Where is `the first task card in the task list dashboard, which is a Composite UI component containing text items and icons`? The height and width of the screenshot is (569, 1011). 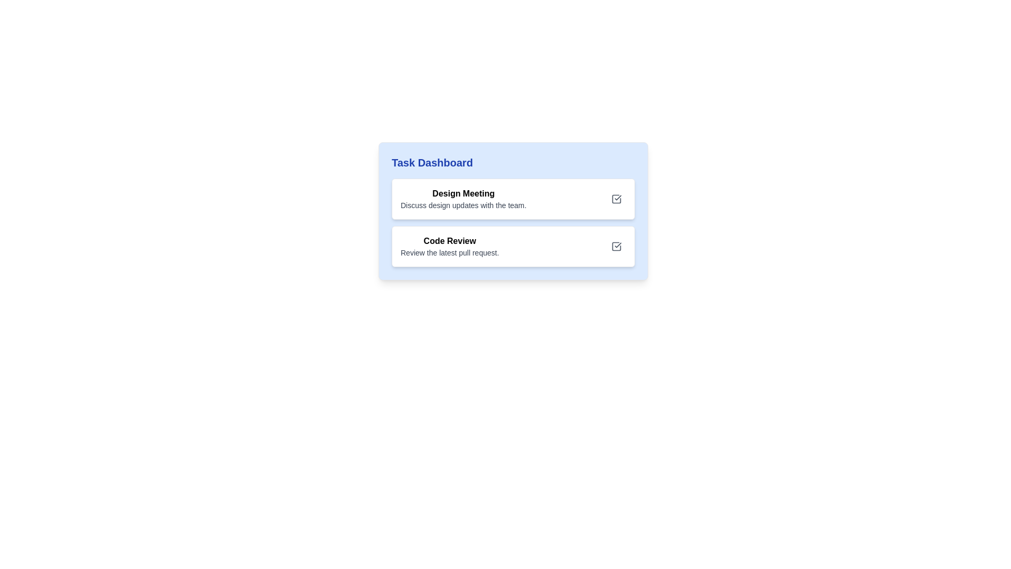 the first task card in the task list dashboard, which is a Composite UI component containing text items and icons is located at coordinates (513, 211).